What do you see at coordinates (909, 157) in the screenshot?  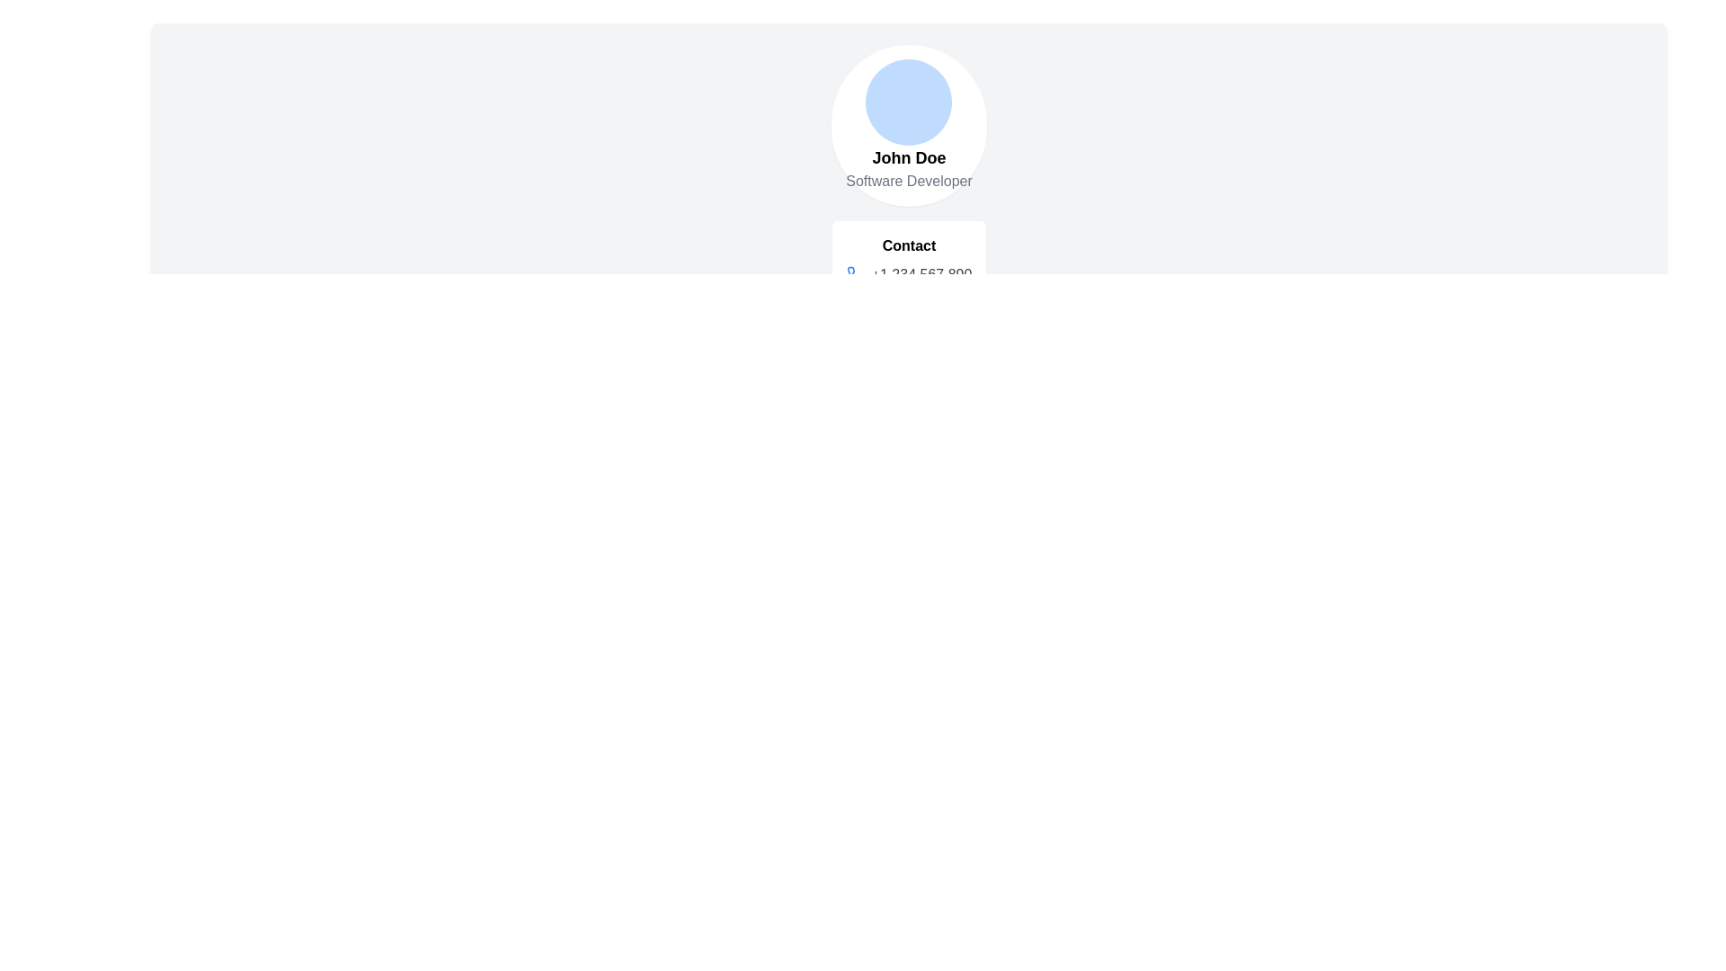 I see `the static text label displaying the name 'John Doe', which is positioned below a circular avatar and above a label saying 'Software Developer'` at bounding box center [909, 157].